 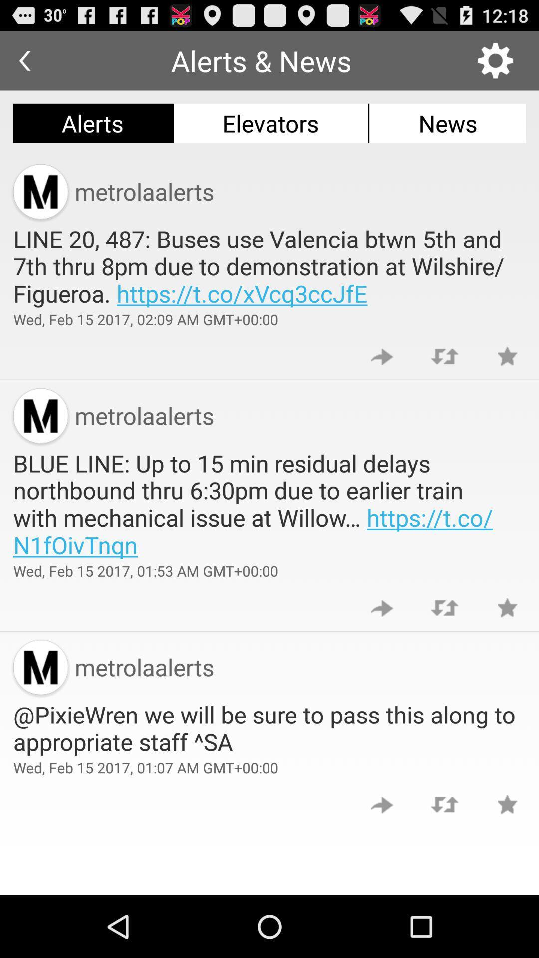 What do you see at coordinates (495, 60) in the screenshot?
I see `the item next to the alerts & news app` at bounding box center [495, 60].